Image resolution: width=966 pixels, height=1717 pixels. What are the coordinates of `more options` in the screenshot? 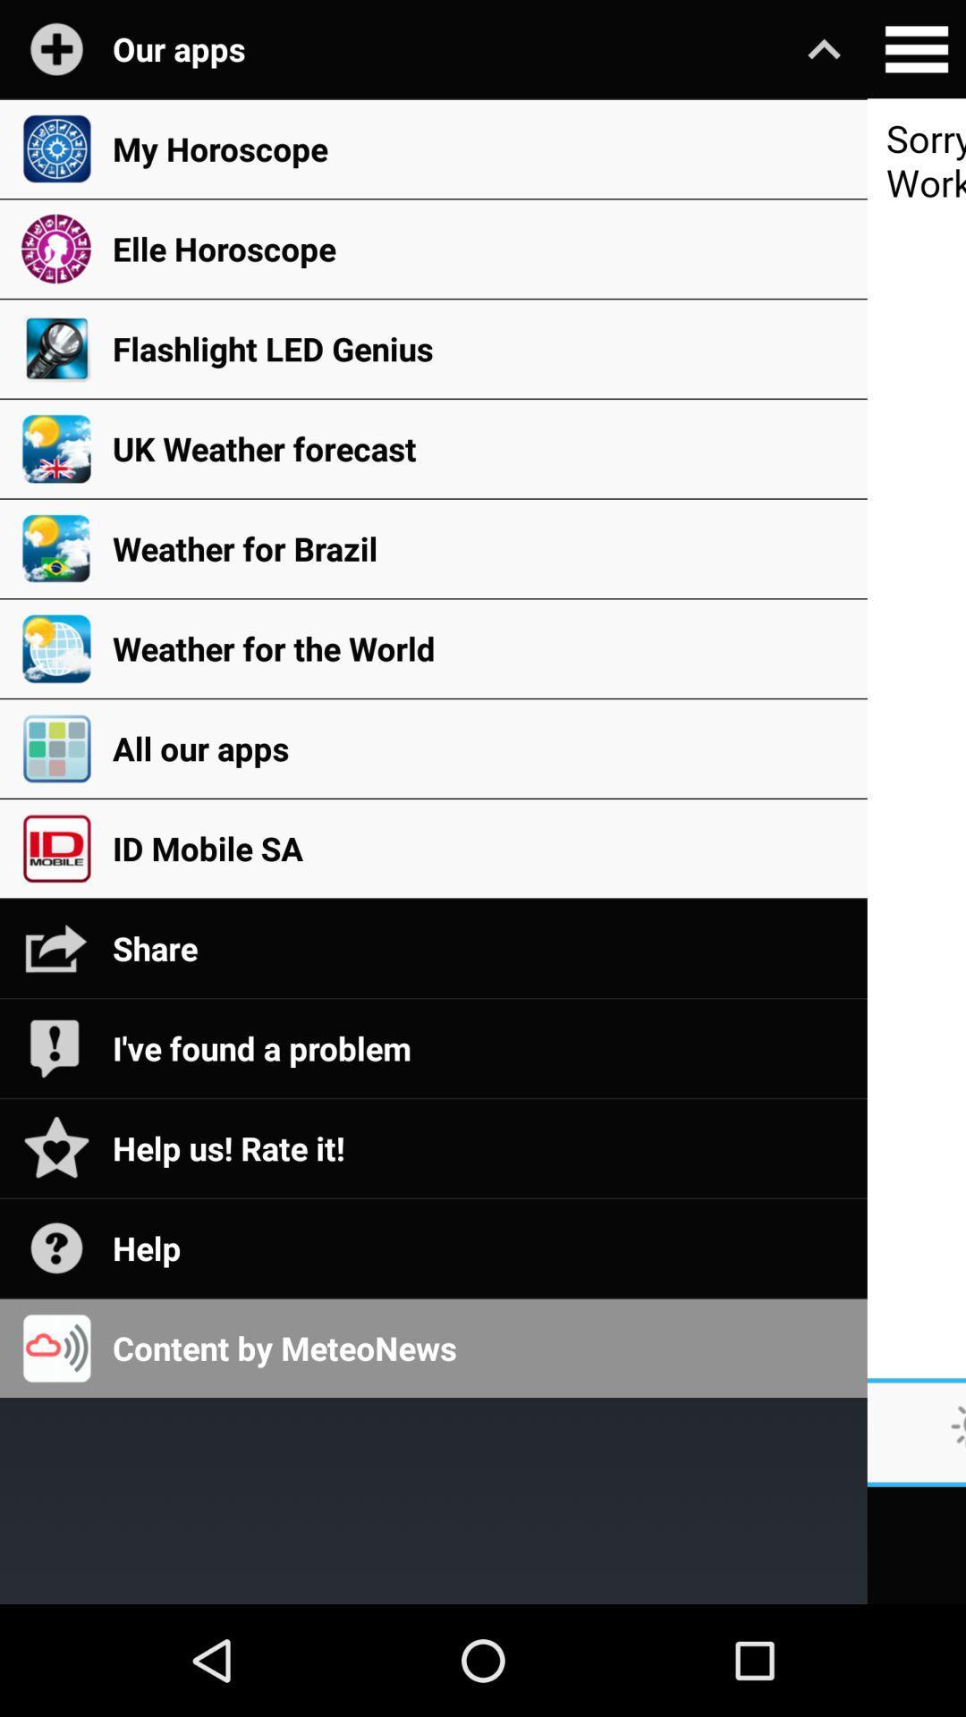 It's located at (916, 49).